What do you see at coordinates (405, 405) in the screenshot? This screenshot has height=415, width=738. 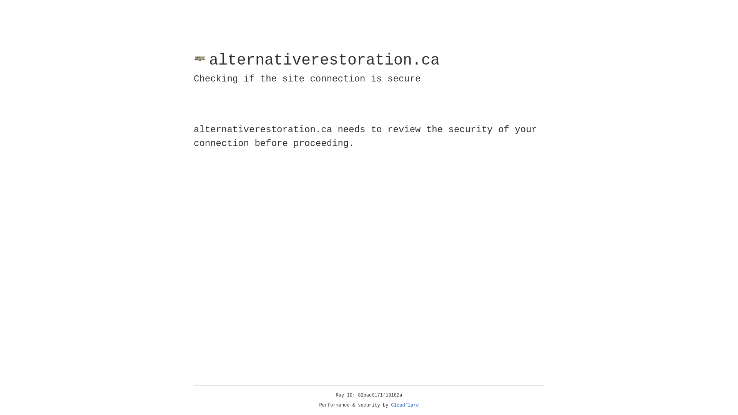 I see `'Cloudflare'` at bounding box center [405, 405].